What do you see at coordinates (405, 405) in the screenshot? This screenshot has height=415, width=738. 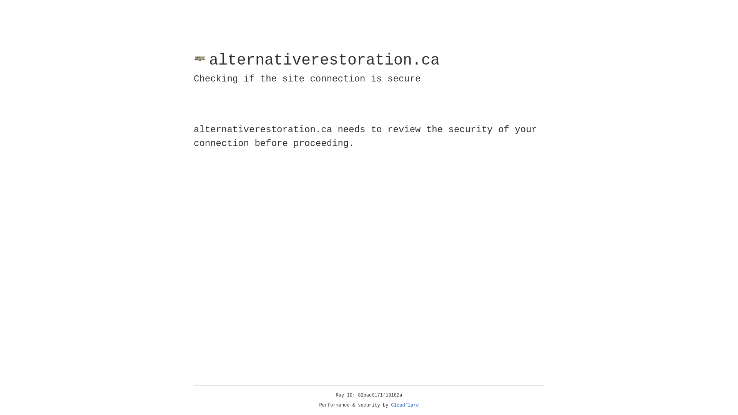 I see `'Cloudflare'` at bounding box center [405, 405].